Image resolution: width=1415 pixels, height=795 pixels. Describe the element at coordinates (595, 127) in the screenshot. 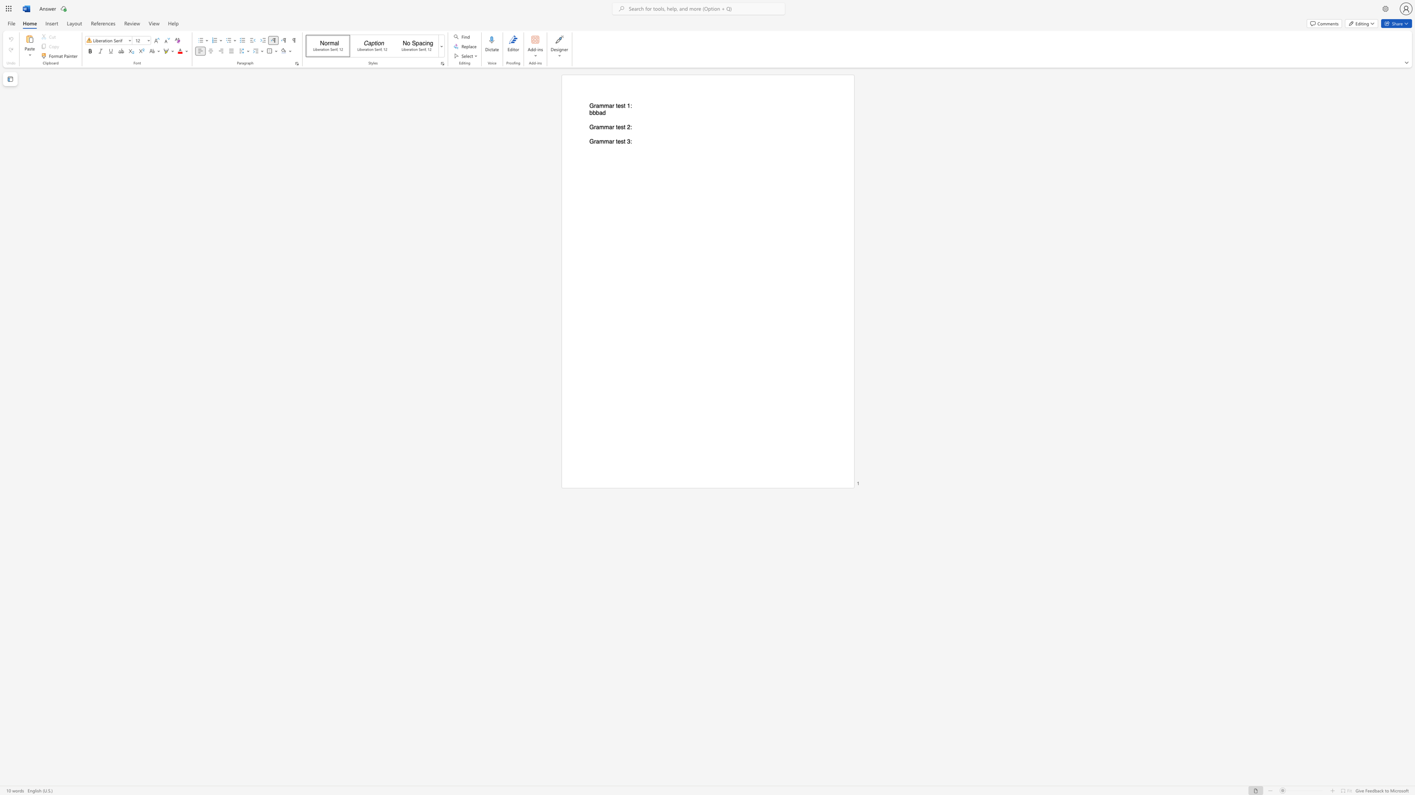

I see `the 1th character "r" in the text` at that location.